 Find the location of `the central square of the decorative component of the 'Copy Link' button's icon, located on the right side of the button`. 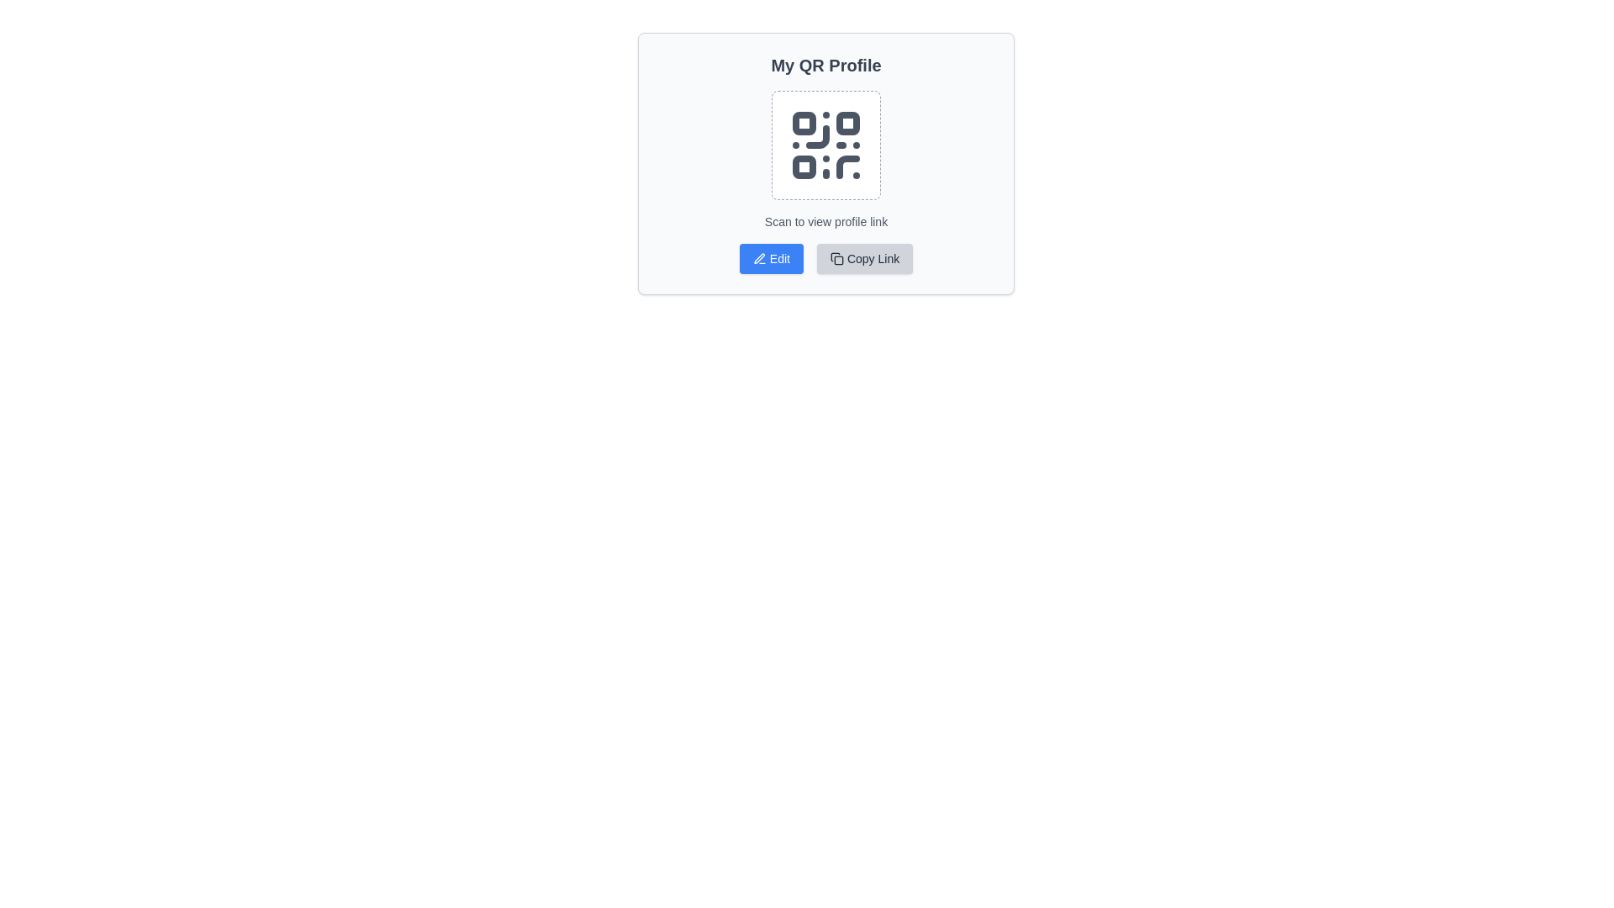

the central square of the decorative component of the 'Copy Link' button's icon, located on the right side of the button is located at coordinates (838, 260).